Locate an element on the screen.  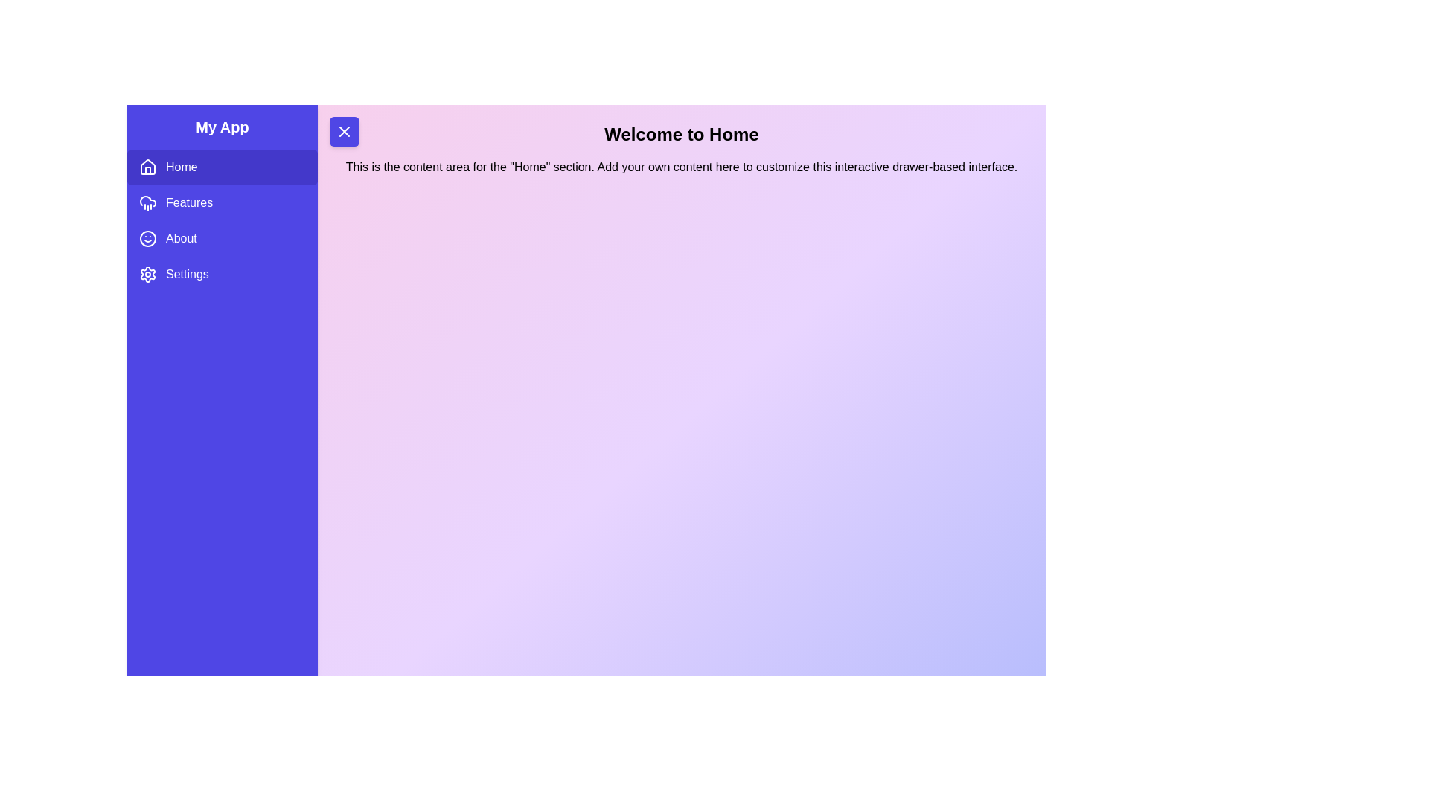
the sidebar item Home is located at coordinates (221, 167).